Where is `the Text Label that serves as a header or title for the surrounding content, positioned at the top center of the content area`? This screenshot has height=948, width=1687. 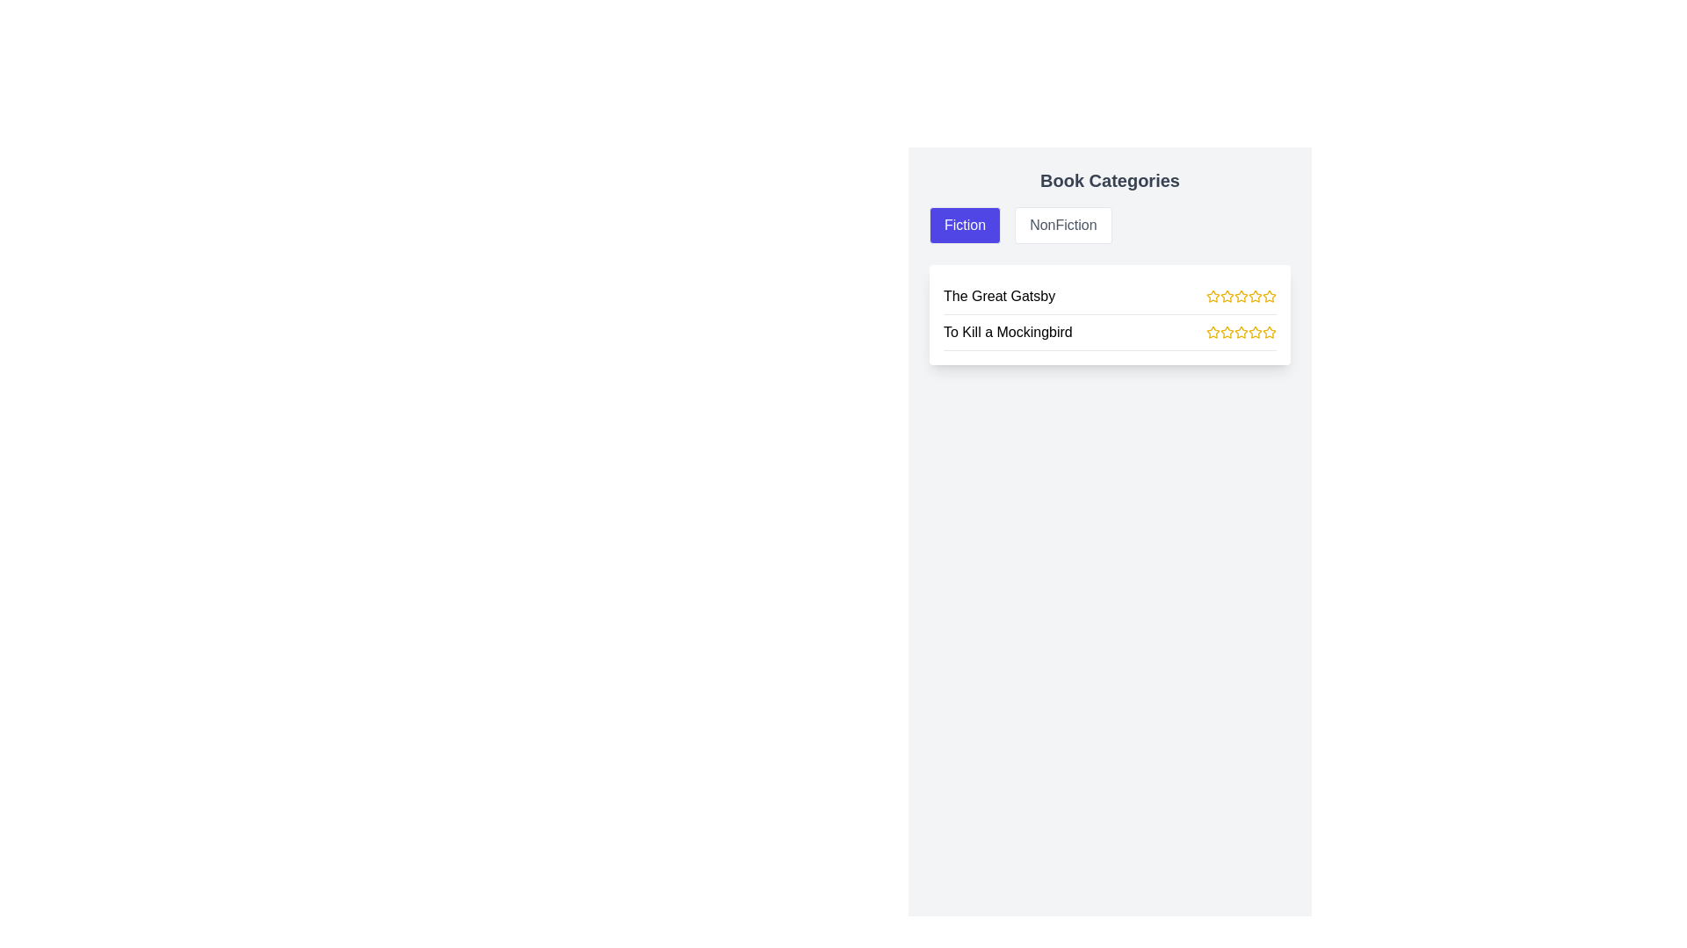 the Text Label that serves as a header or title for the surrounding content, positioned at the top center of the content area is located at coordinates (1109, 180).